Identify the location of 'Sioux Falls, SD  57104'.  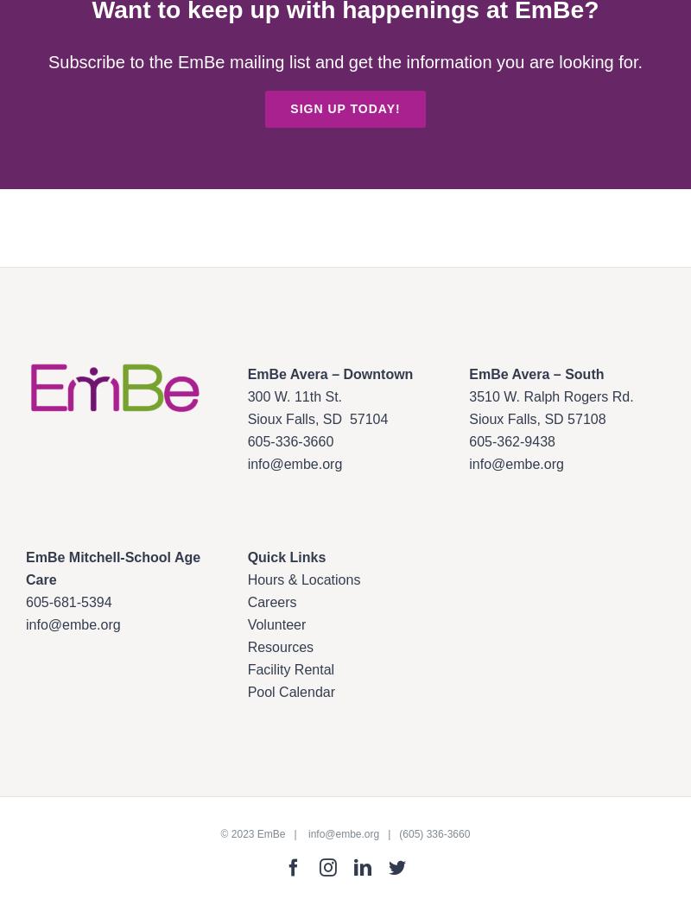
(317, 419).